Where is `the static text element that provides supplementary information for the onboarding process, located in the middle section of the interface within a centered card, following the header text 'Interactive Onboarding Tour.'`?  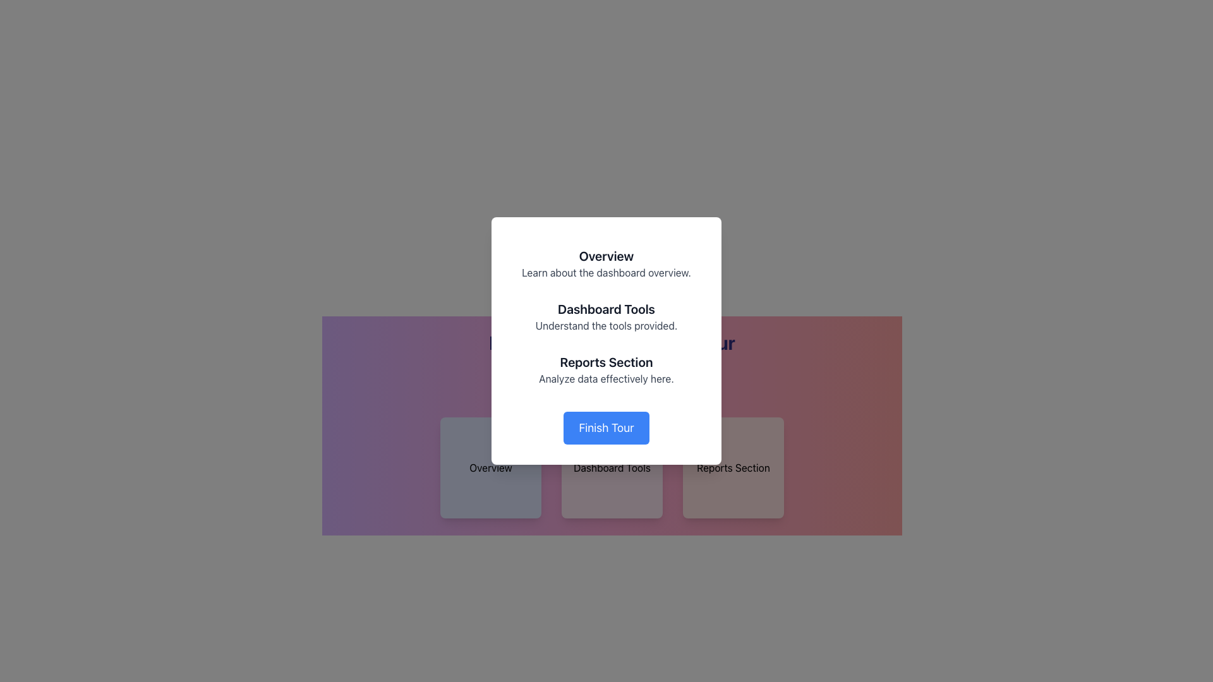
the static text element that provides supplementary information for the onboarding process, located in the middle section of the interface within a centered card, following the header text 'Interactive Onboarding Tour.' is located at coordinates (612, 362).